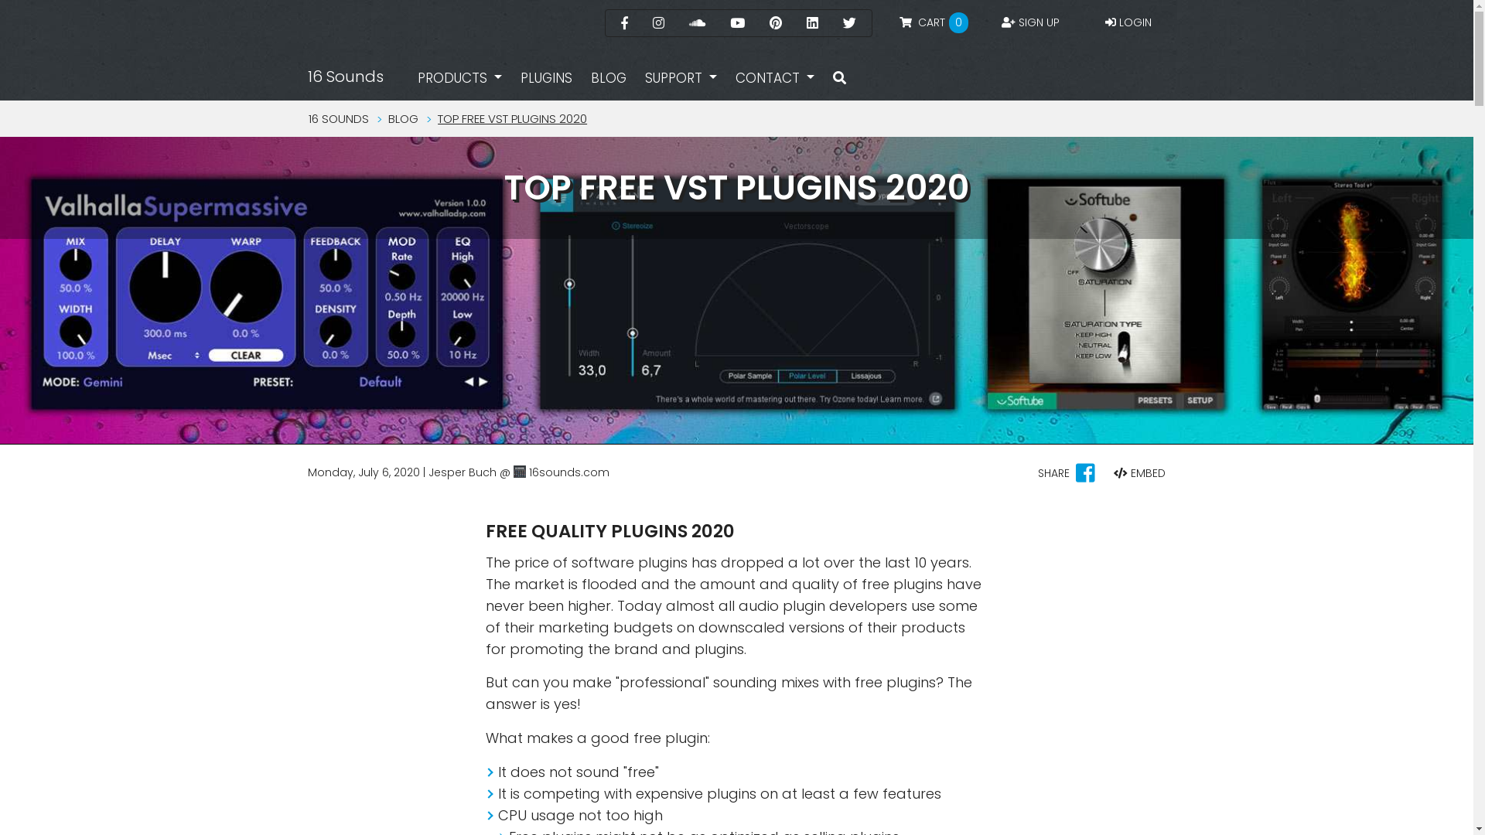 Image resolution: width=1485 pixels, height=835 pixels. What do you see at coordinates (775, 77) in the screenshot?
I see `'CONTACT'` at bounding box center [775, 77].